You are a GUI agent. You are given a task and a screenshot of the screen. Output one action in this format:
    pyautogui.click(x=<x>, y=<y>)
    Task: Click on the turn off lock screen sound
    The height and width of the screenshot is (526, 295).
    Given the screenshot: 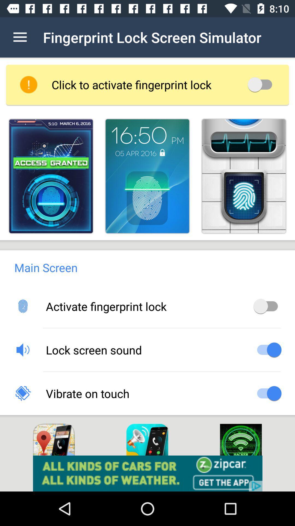 What is the action you would take?
    pyautogui.click(x=267, y=349)
    